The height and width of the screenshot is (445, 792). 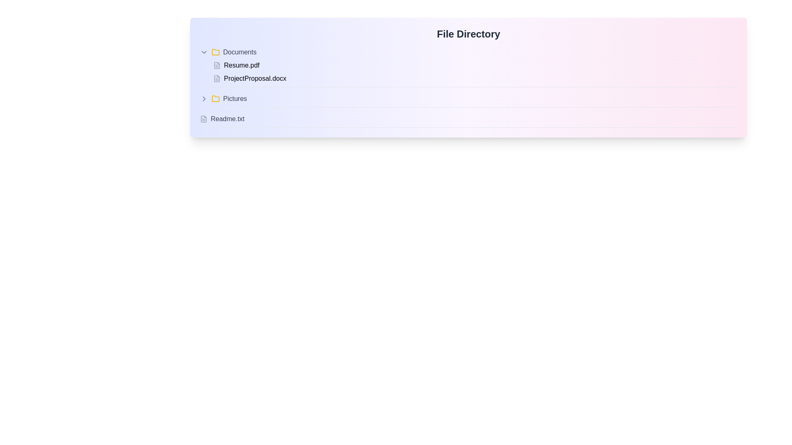 I want to click on the folder icon, which is a yellow minimalistic icon with rounded edges located to the left of the 'Documents' label and below a chevron-down icon, so click(x=216, y=52).